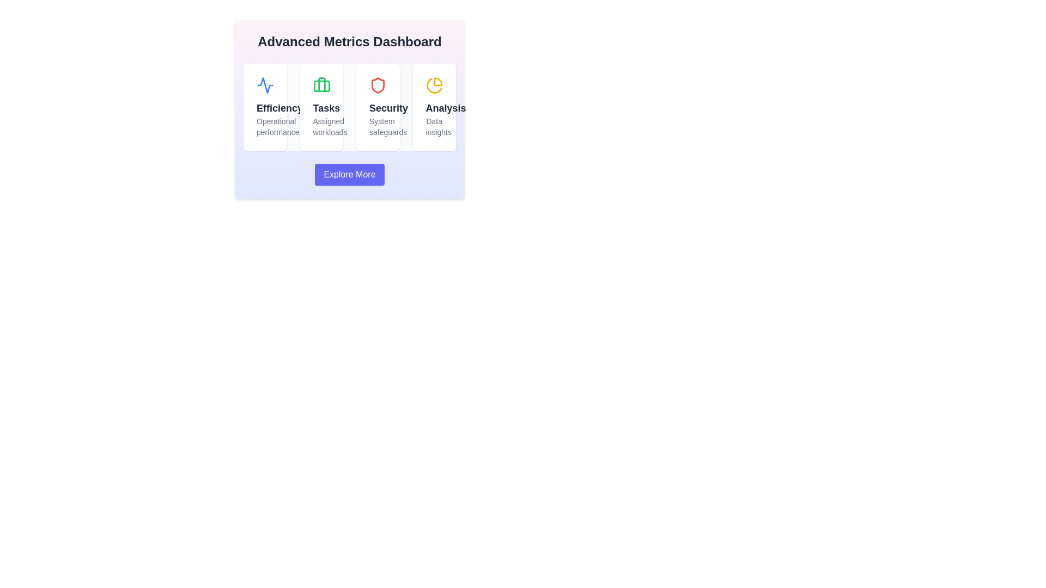  I want to click on the red shield icon located in the 'Security' card of the 'Advanced Metrics Dashboard', which visually represents the security feature, so click(378, 85).